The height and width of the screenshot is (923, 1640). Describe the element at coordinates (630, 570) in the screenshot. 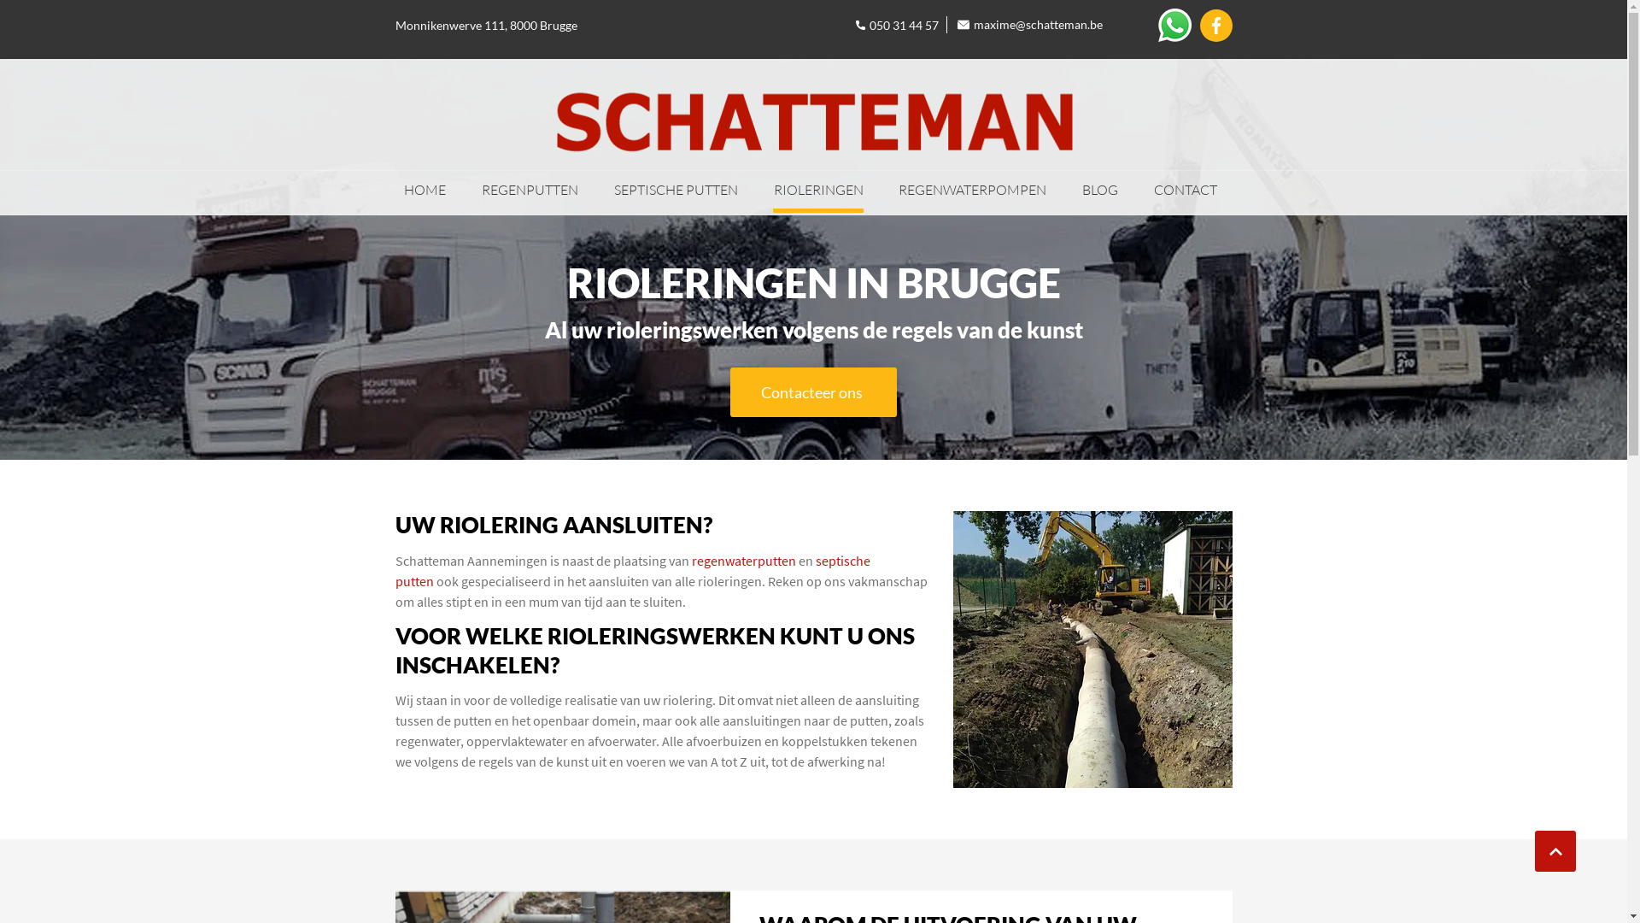

I see `'septische putten'` at that location.